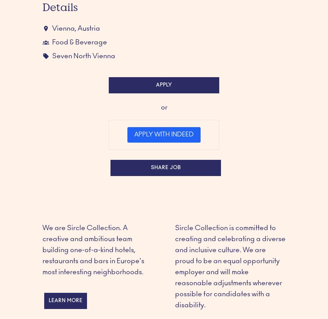 This screenshot has width=328, height=319. I want to click on 'learn more', so click(66, 300).